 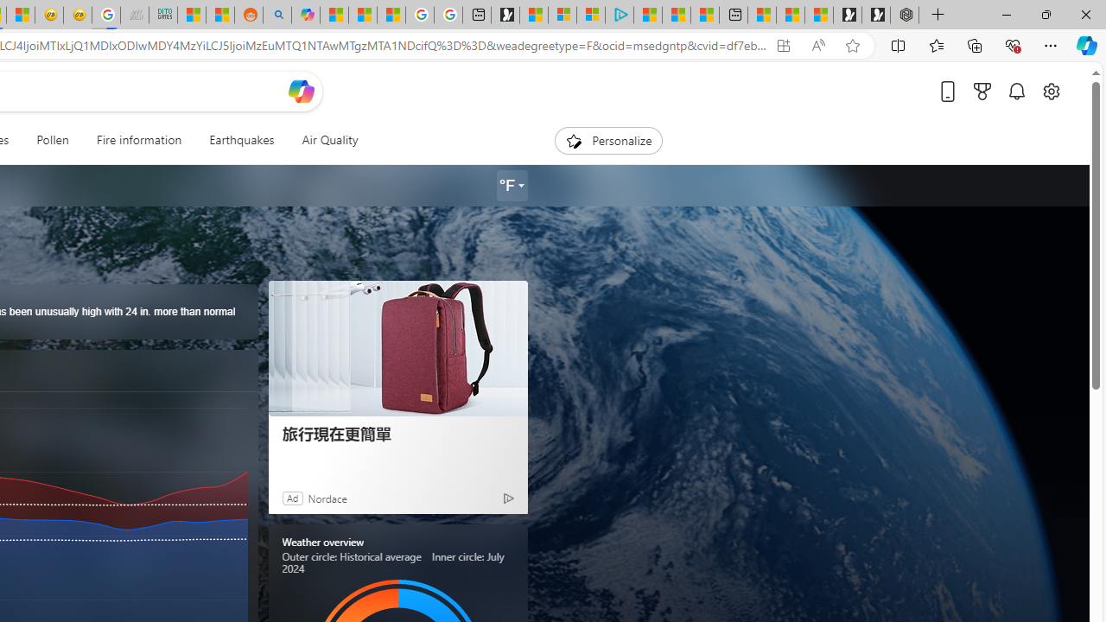 What do you see at coordinates (138, 140) in the screenshot?
I see `'Fire information'` at bounding box center [138, 140].